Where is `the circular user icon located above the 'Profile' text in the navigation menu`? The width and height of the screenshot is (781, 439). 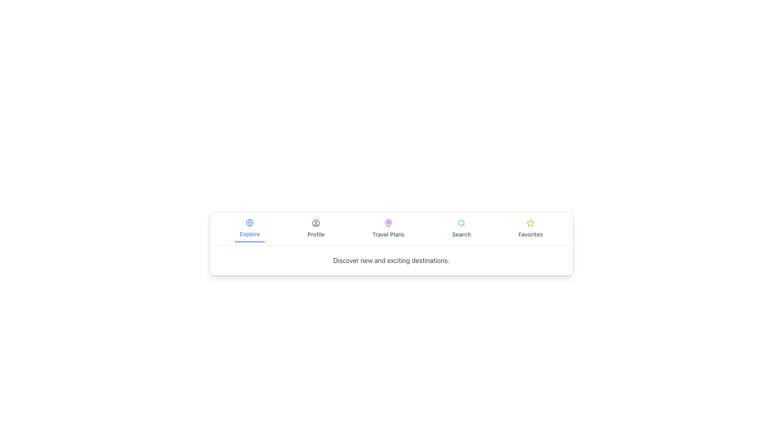
the circular user icon located above the 'Profile' text in the navigation menu is located at coordinates (316, 223).